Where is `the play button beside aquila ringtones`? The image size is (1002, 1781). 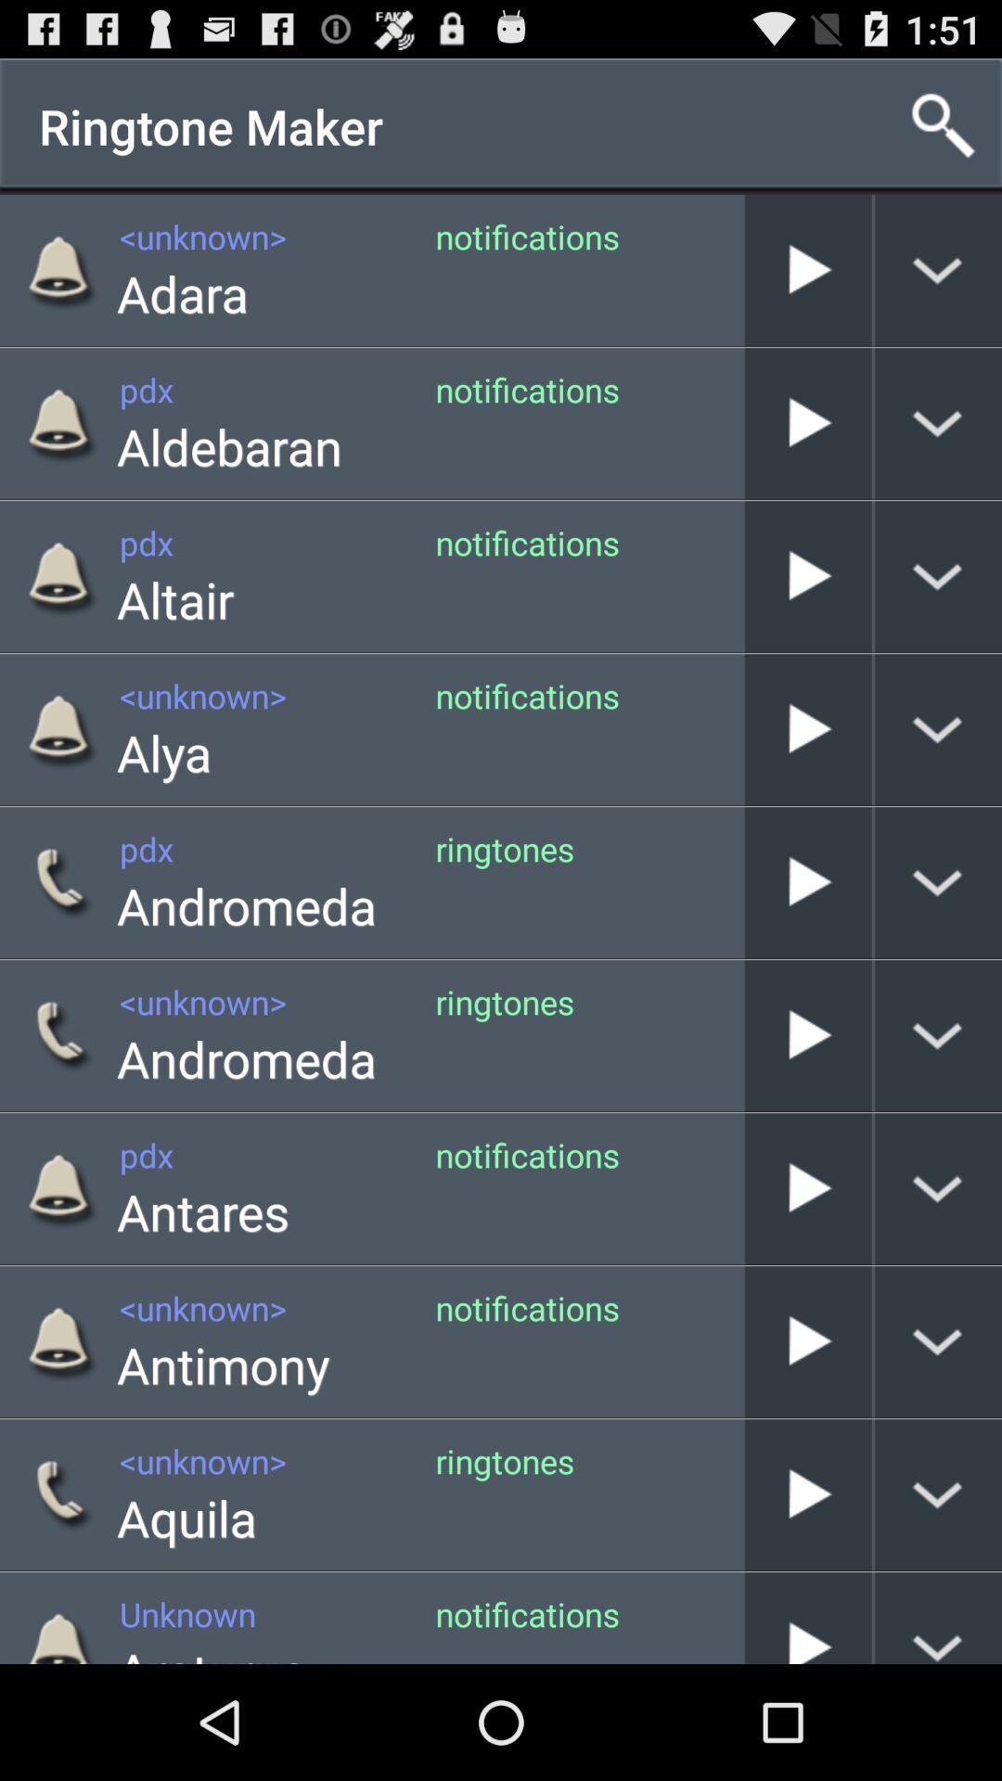
the play button beside aquila ringtones is located at coordinates (807, 1495).